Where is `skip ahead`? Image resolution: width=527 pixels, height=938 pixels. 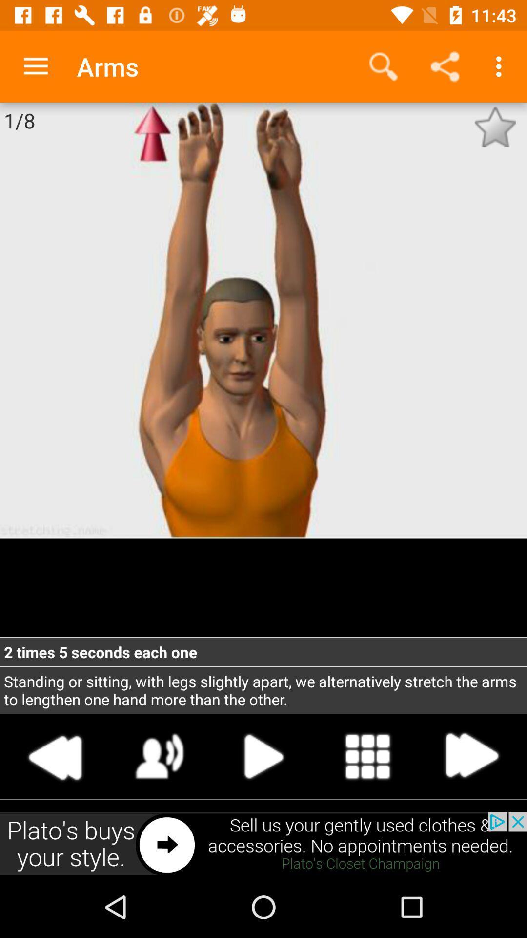 skip ahead is located at coordinates (470, 756).